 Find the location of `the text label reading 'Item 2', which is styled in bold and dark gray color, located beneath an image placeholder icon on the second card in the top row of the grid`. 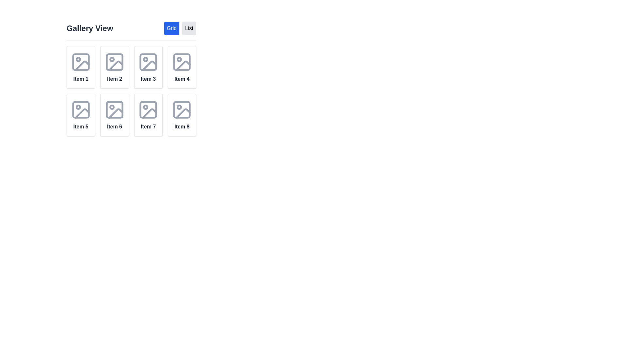

the text label reading 'Item 2', which is styled in bold and dark gray color, located beneath an image placeholder icon on the second card in the top row of the grid is located at coordinates (114, 79).